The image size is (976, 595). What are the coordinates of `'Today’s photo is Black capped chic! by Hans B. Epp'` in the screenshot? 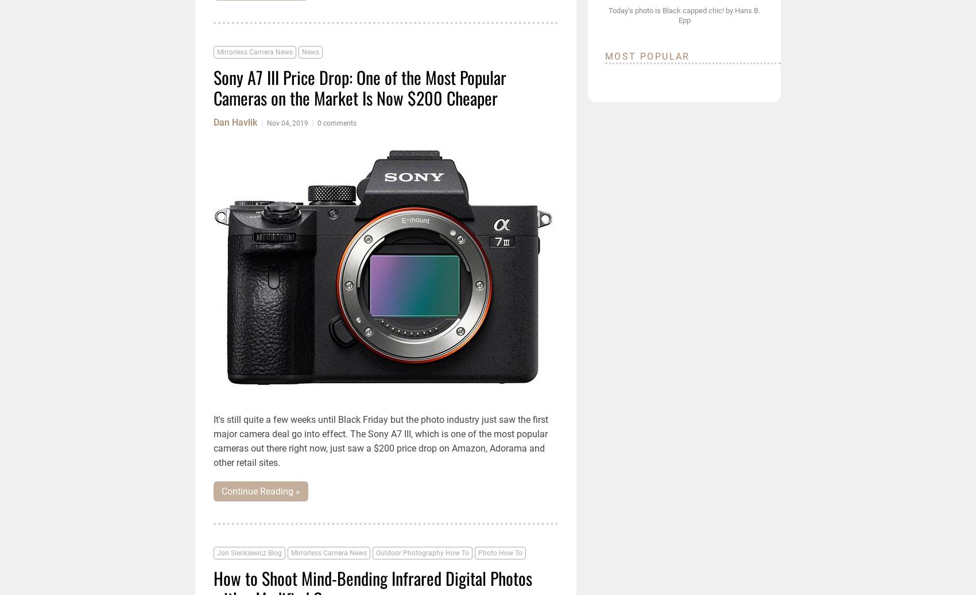 It's located at (607, 14).